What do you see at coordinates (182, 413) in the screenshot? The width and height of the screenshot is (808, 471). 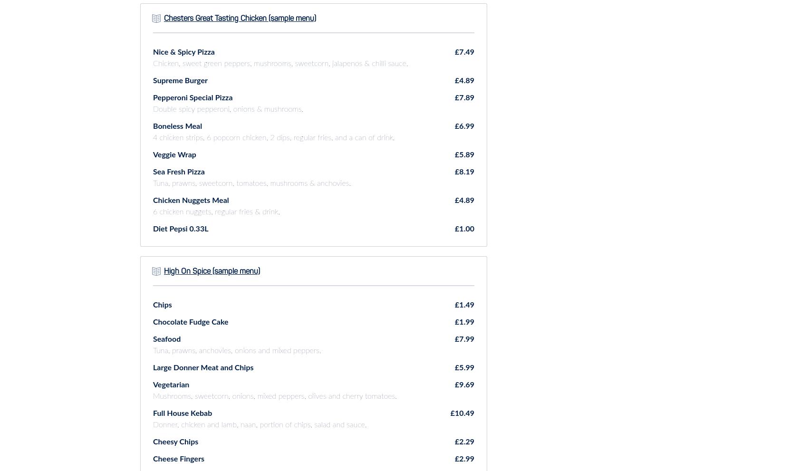 I see `'Full House Kebab'` at bounding box center [182, 413].